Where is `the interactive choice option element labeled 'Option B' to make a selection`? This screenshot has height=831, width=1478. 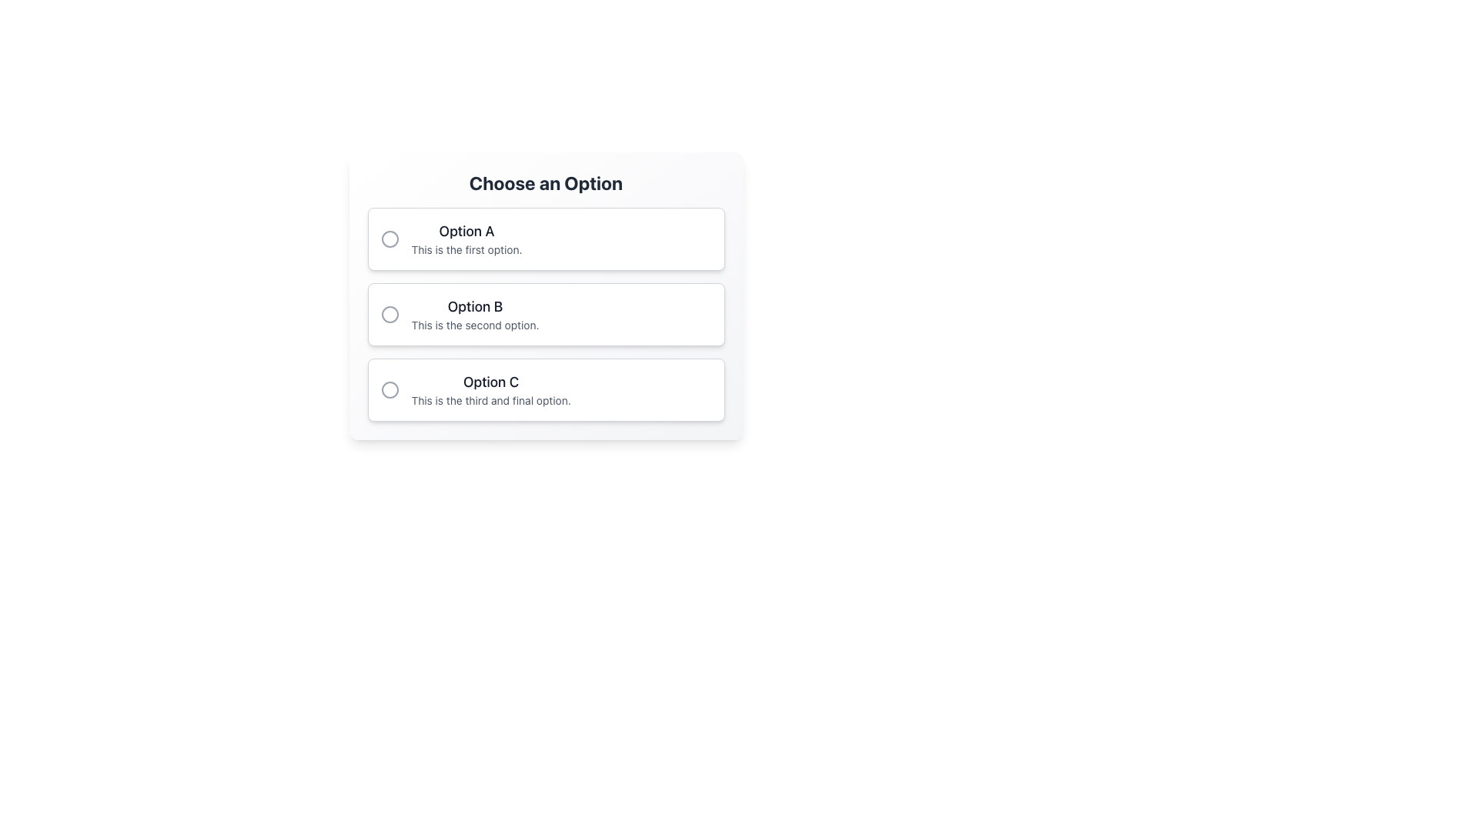
the interactive choice option element labeled 'Option B' to make a selection is located at coordinates (546, 296).